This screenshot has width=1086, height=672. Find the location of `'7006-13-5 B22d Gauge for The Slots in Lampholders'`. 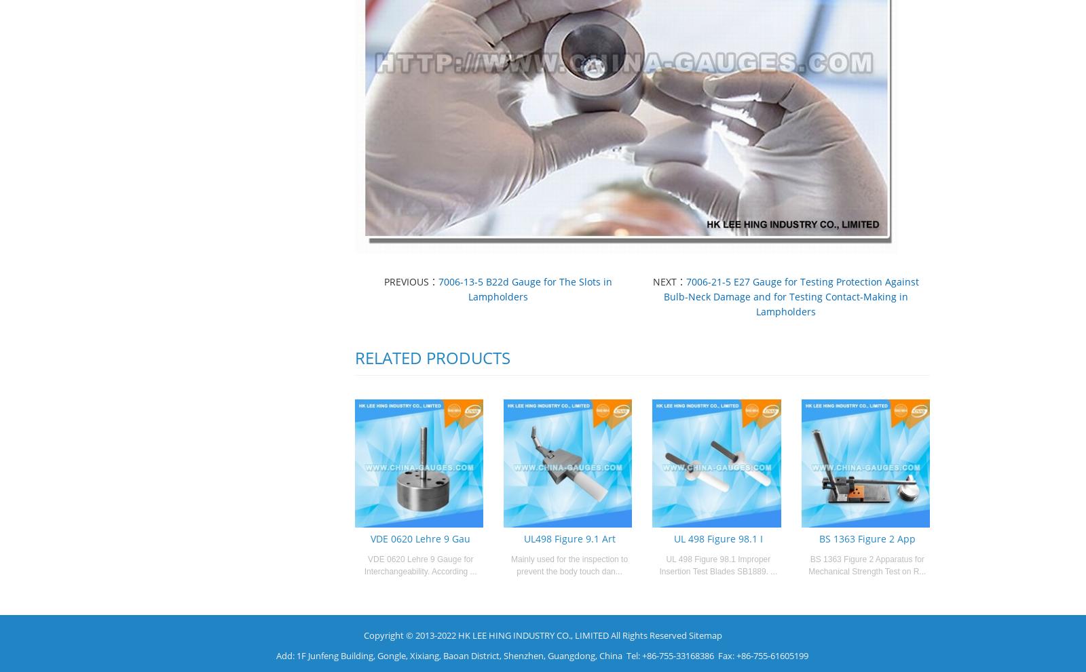

'7006-13-5 B22d Gauge for The Slots in Lampholders' is located at coordinates (525, 289).